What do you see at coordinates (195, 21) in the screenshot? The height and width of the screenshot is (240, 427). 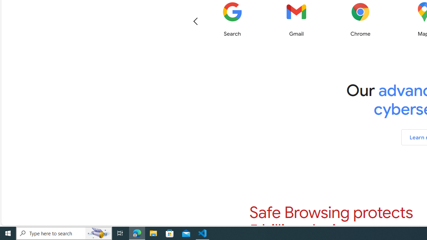 I see `'Previous'` at bounding box center [195, 21].